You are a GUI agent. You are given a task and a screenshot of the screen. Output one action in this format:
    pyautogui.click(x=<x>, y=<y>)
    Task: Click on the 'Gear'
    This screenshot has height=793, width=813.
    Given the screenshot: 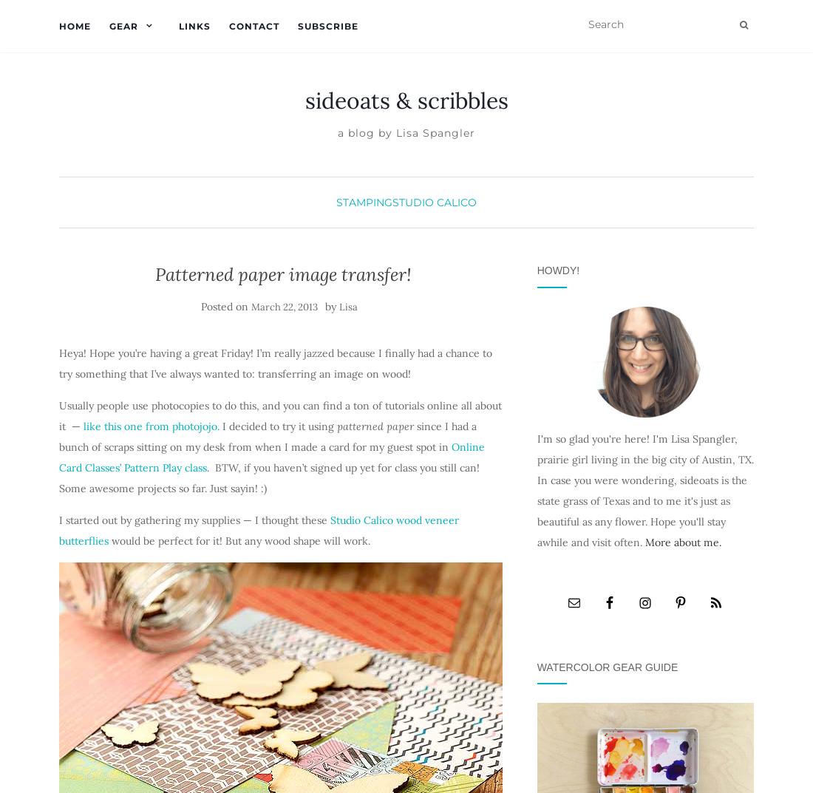 What is the action you would take?
    pyautogui.click(x=123, y=25)
    